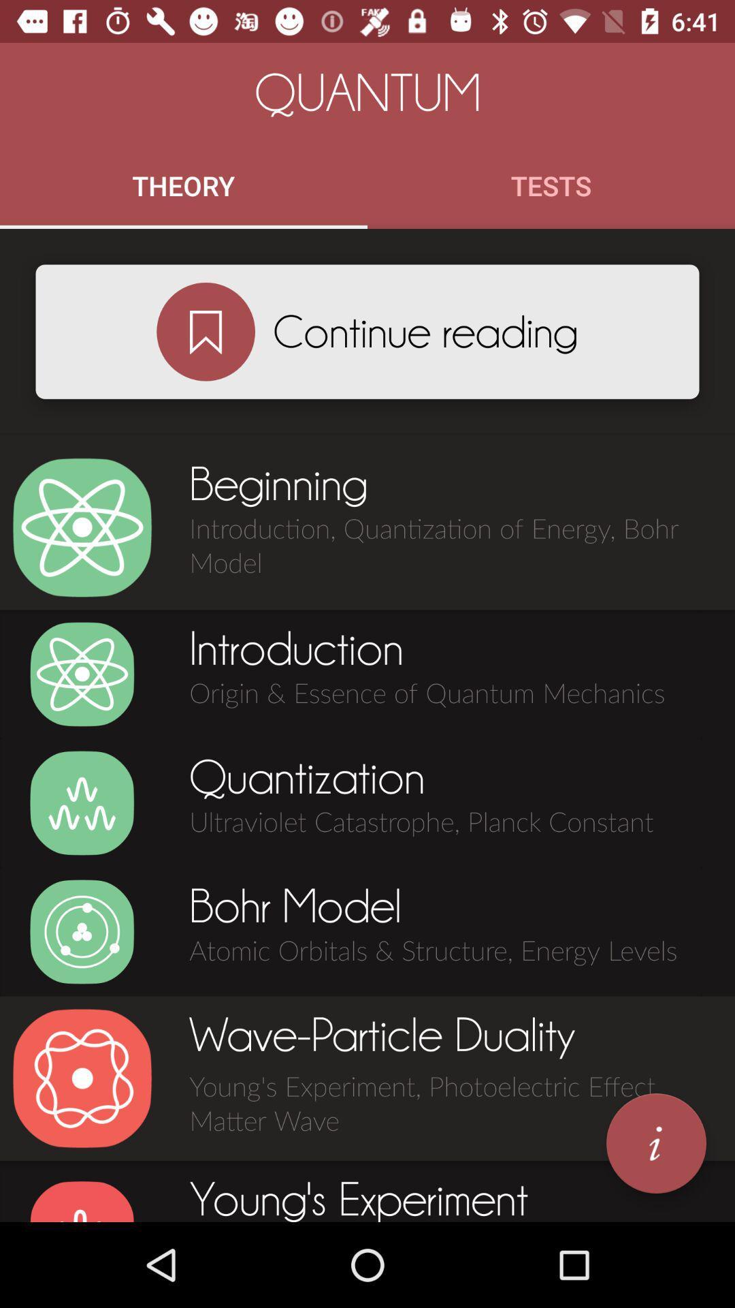 The width and height of the screenshot is (735, 1308). Describe the element at coordinates (655, 1143) in the screenshot. I see `the item below atomic orbitals structure icon` at that location.